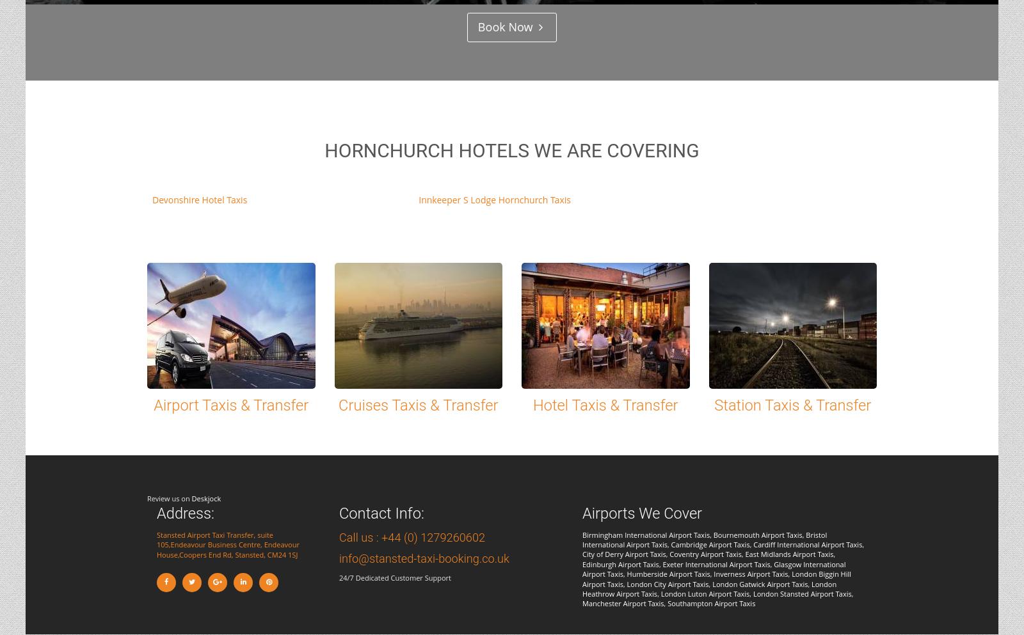 The height and width of the screenshot is (635, 1024). What do you see at coordinates (717, 579) in the screenshot?
I see `'London Biggin Hill Airport Taxis'` at bounding box center [717, 579].